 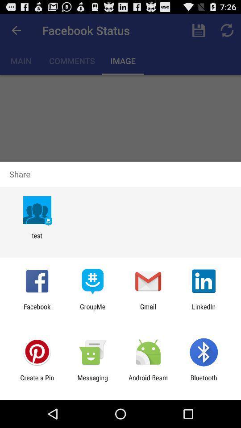 I want to click on icon next to the bluetooth, so click(x=148, y=381).